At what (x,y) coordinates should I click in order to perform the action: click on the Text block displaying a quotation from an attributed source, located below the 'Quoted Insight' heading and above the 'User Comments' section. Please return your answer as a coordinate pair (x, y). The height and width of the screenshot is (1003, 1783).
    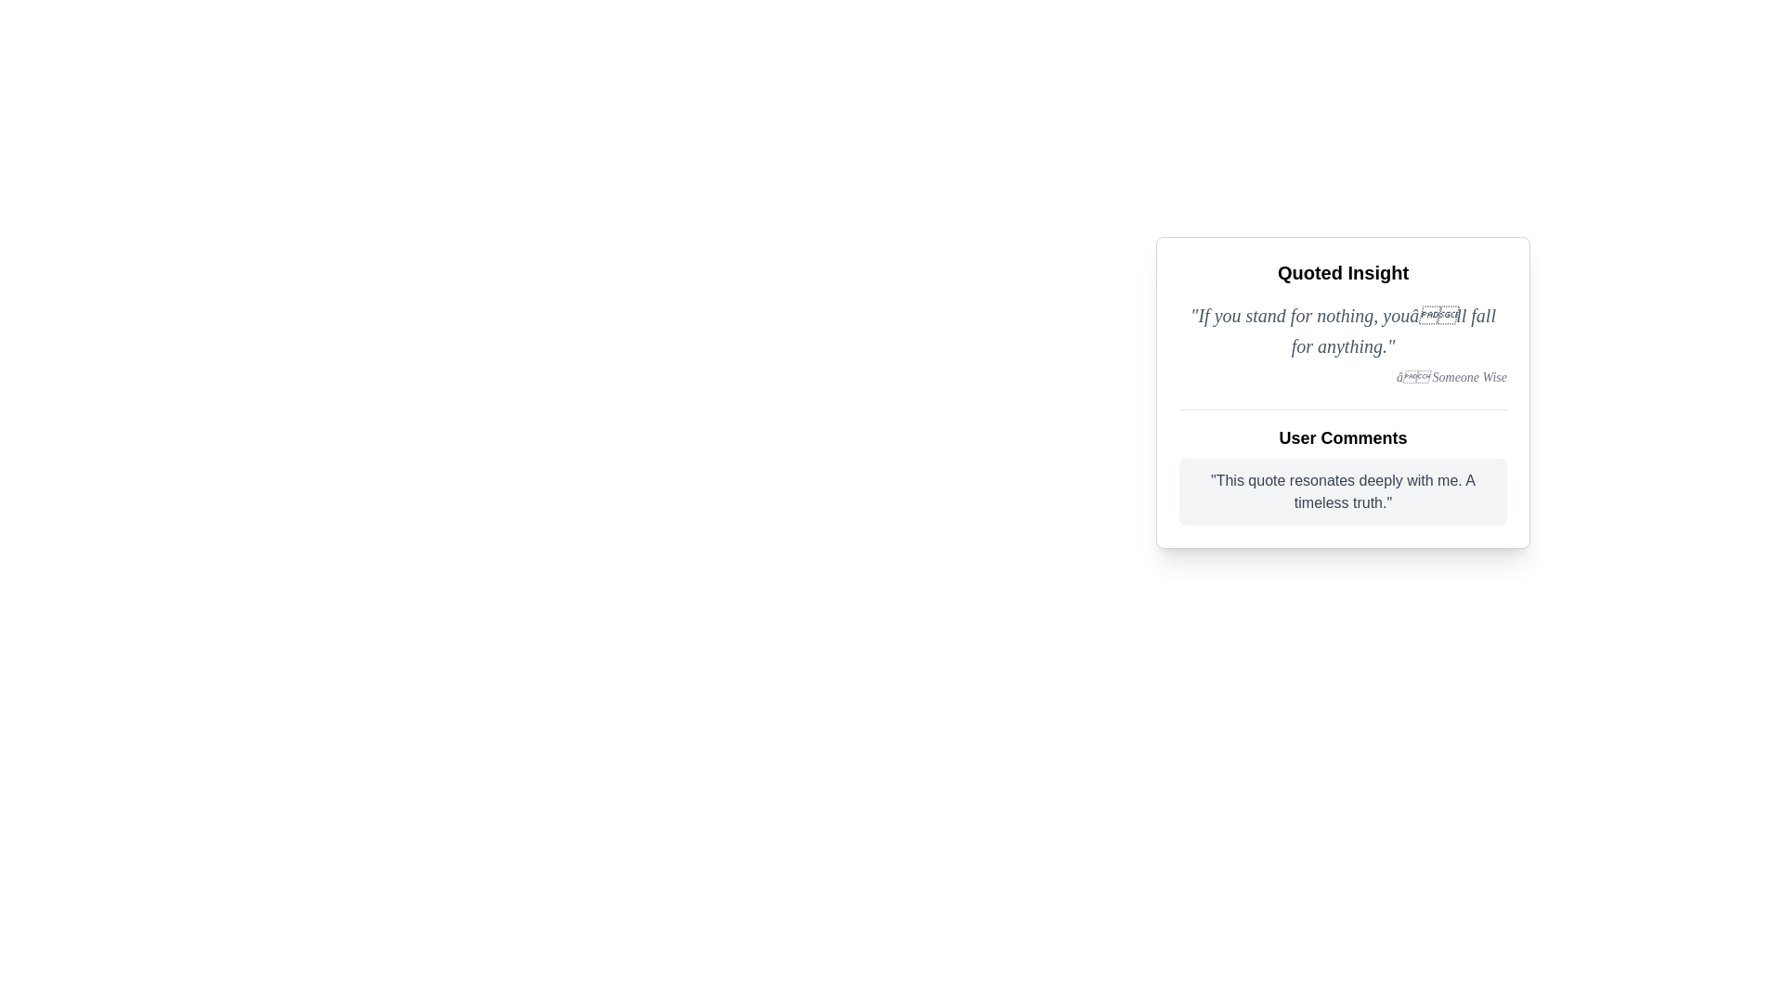
    Looking at the image, I should click on (1343, 344).